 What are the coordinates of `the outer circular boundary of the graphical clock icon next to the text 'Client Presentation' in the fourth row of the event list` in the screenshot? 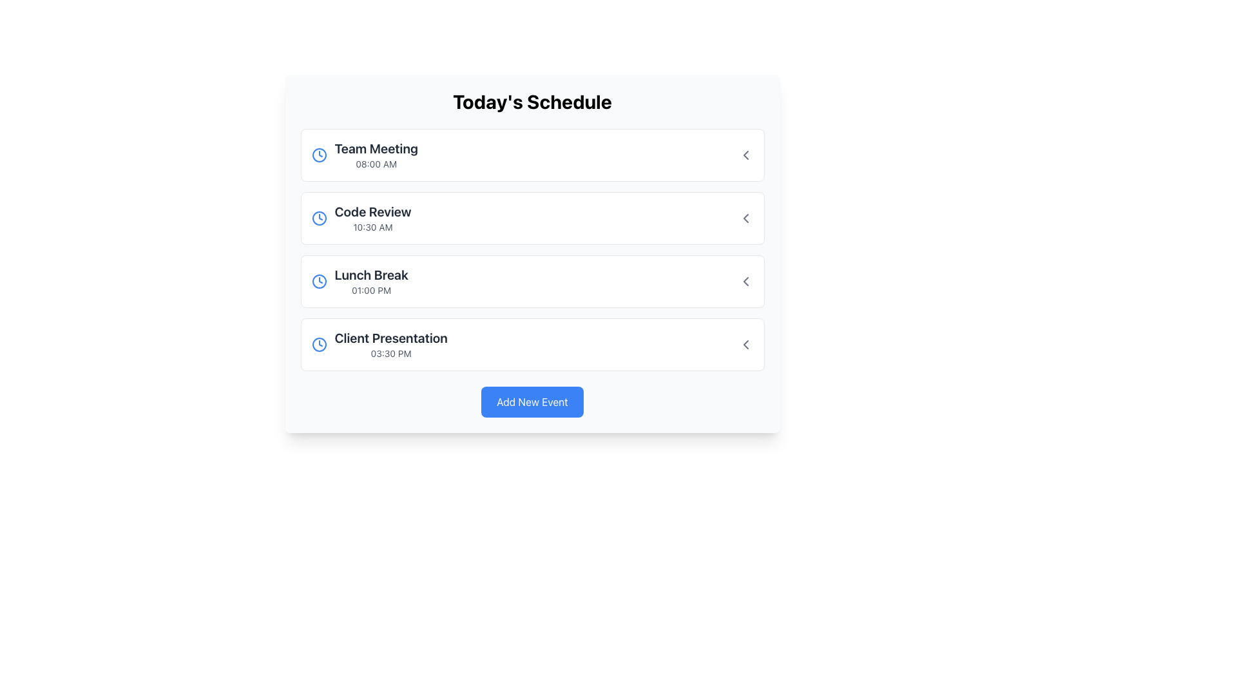 It's located at (319, 344).